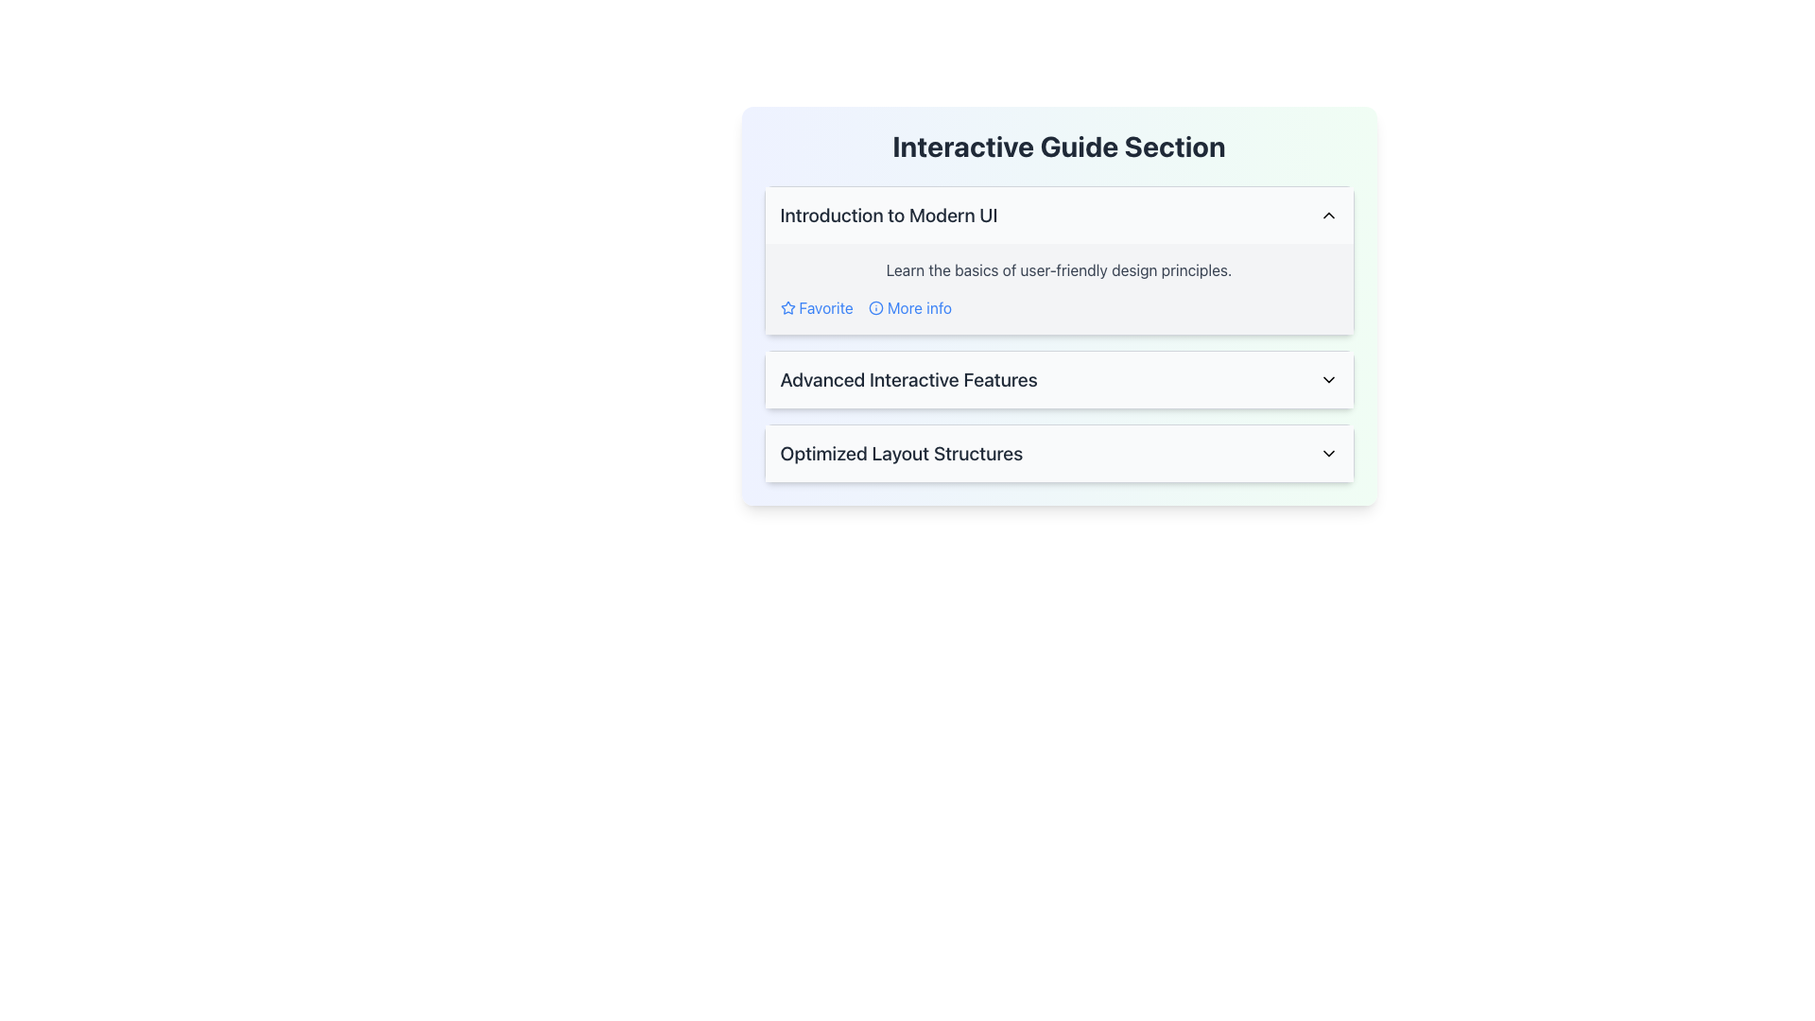 This screenshot has width=1815, height=1021. Describe the element at coordinates (888, 214) in the screenshot. I see `the title text of the collapsible section that introduces topics related to modern user interfaces, which is located in the top left of the displayed interface` at that location.